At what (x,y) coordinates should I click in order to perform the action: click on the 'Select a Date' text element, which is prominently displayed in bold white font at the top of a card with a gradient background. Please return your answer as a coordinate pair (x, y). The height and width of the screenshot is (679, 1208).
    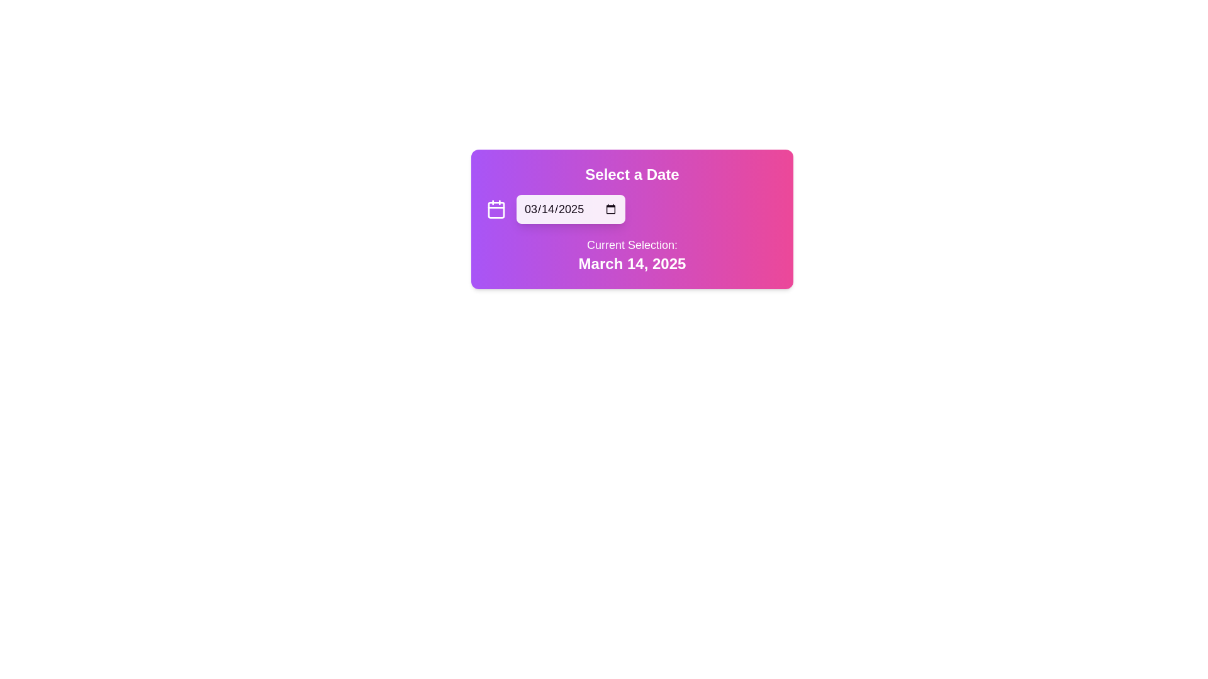
    Looking at the image, I should click on (632, 174).